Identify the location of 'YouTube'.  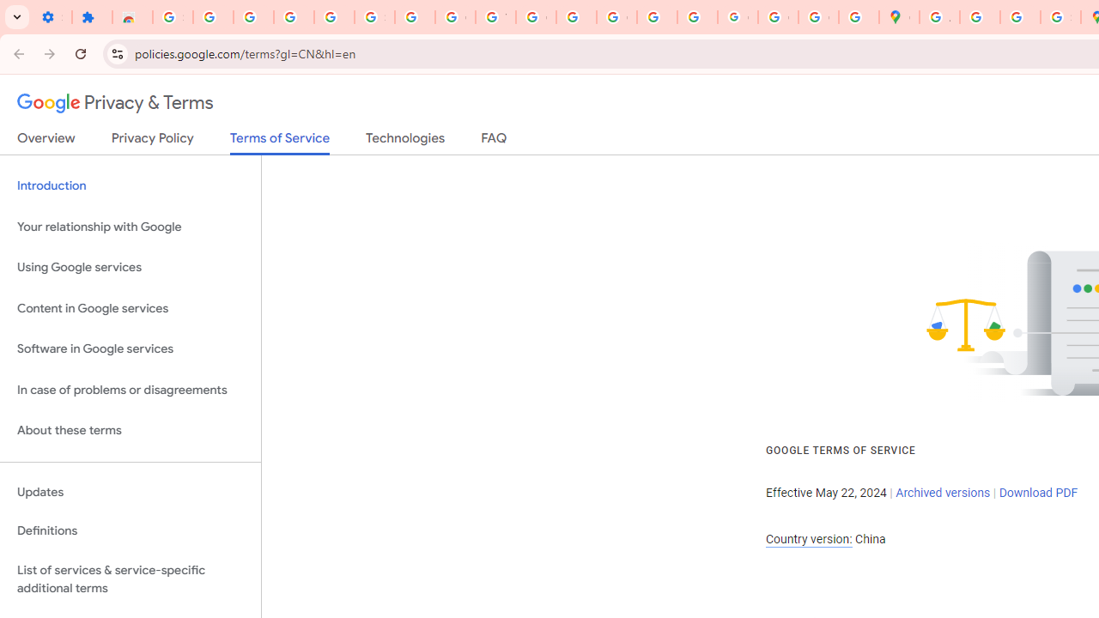
(495, 17).